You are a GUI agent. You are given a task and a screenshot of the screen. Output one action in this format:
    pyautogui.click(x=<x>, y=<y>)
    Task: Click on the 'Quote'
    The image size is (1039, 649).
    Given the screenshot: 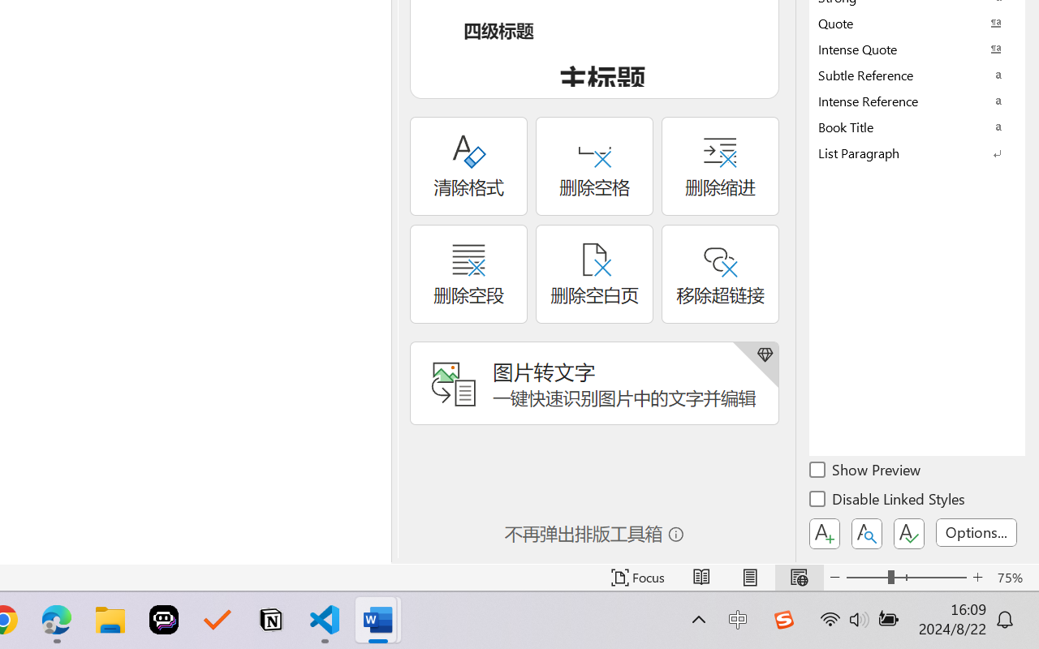 What is the action you would take?
    pyautogui.click(x=917, y=23)
    